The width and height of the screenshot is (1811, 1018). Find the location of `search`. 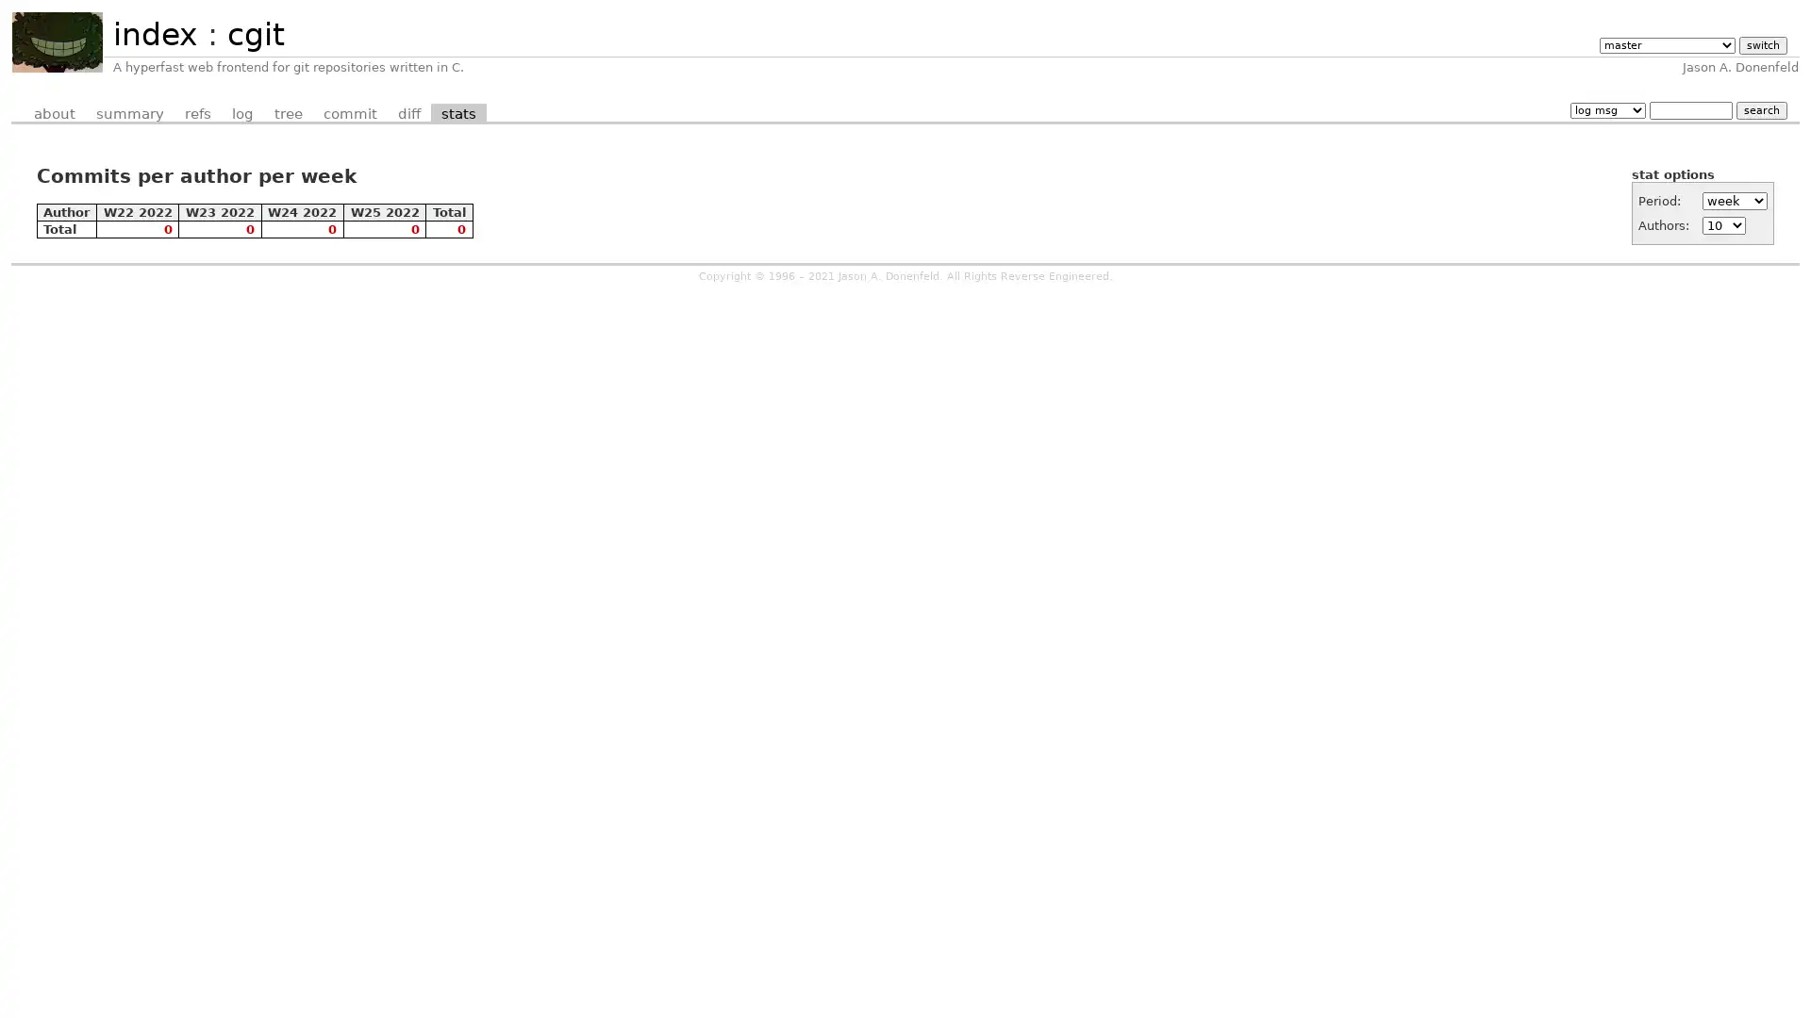

search is located at coordinates (1760, 109).